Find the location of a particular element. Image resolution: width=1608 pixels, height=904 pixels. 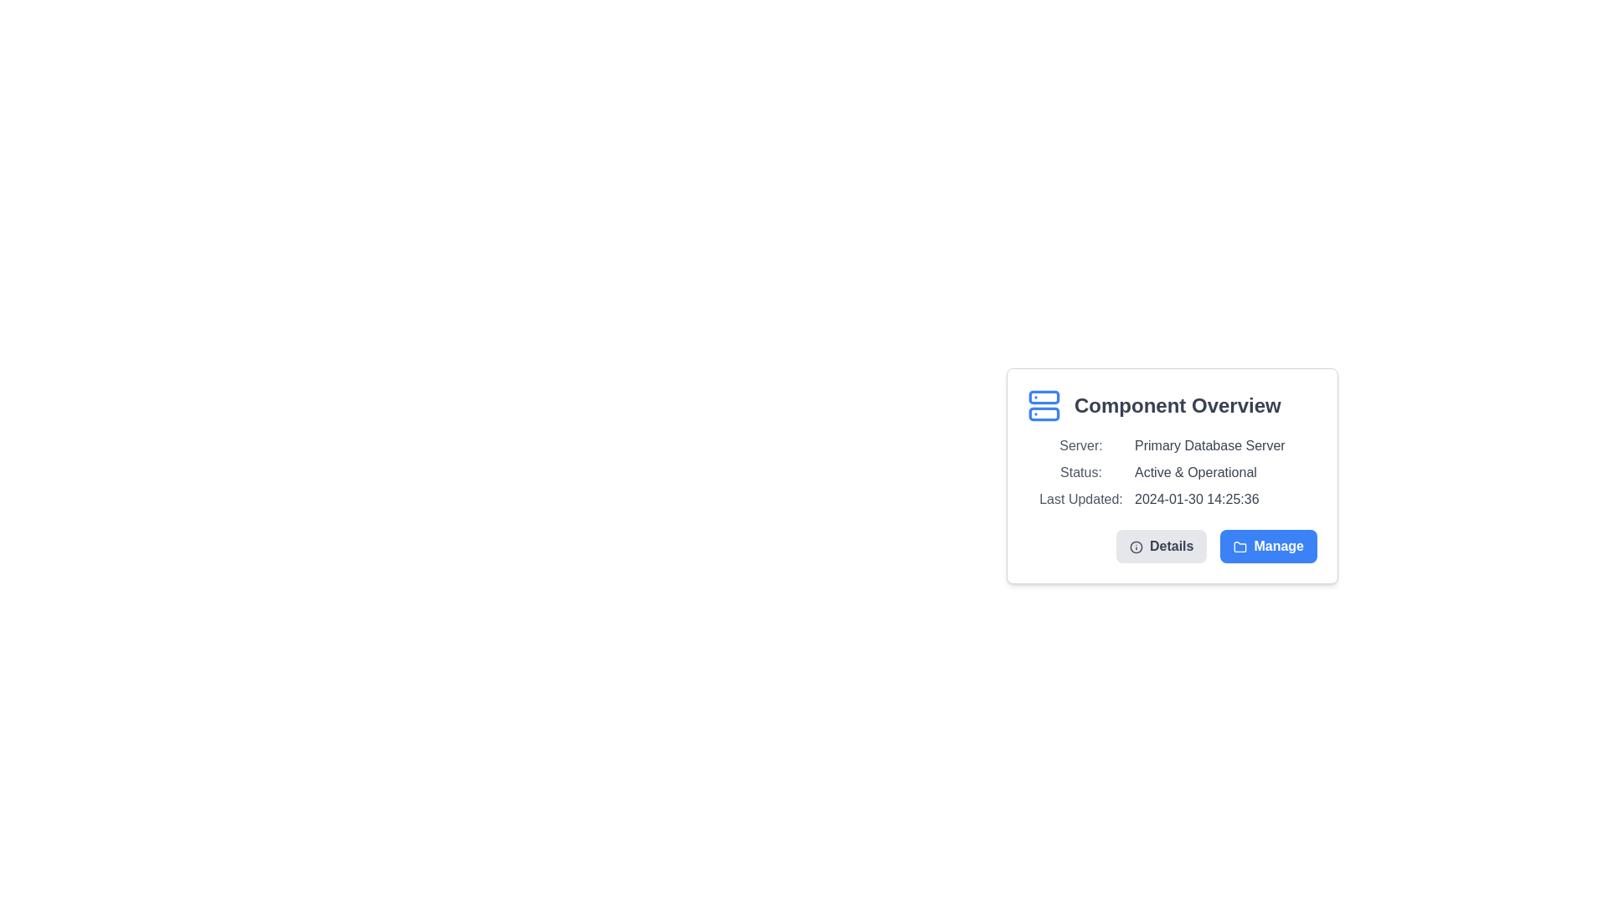

the decorative rectangle within the server icon, which is positioned directly below the first tier of the icon is located at coordinates (1044, 413).